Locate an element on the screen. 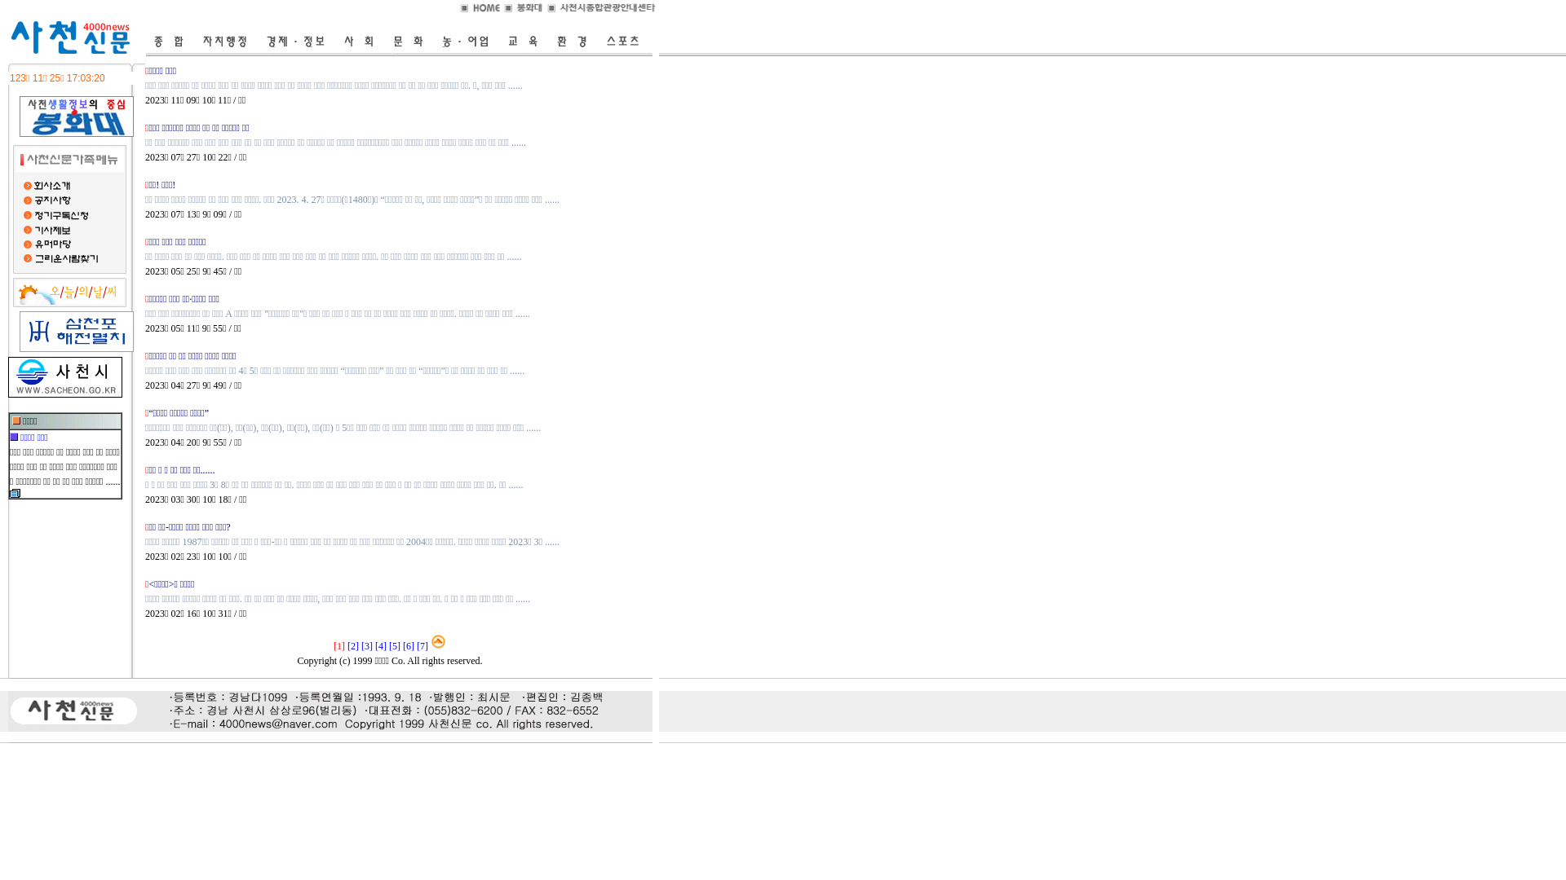  '[4]' is located at coordinates (379, 645).